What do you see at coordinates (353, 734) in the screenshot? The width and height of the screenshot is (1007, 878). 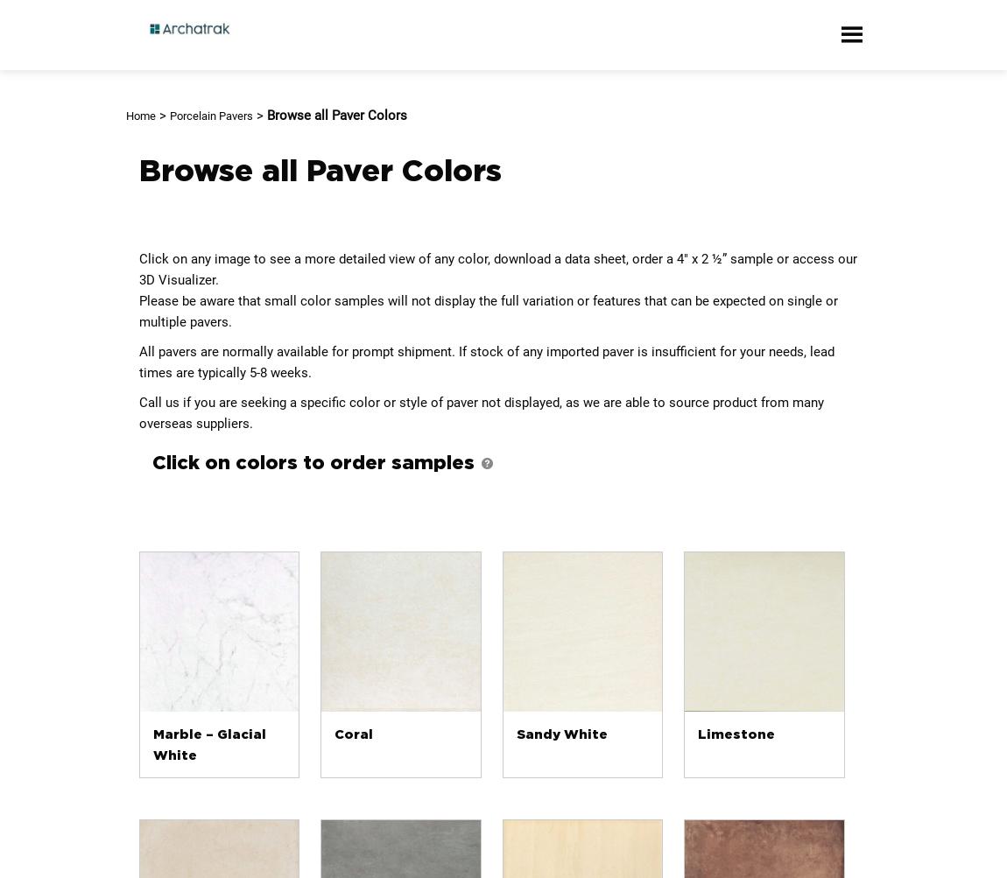 I see `'Coral'` at bounding box center [353, 734].